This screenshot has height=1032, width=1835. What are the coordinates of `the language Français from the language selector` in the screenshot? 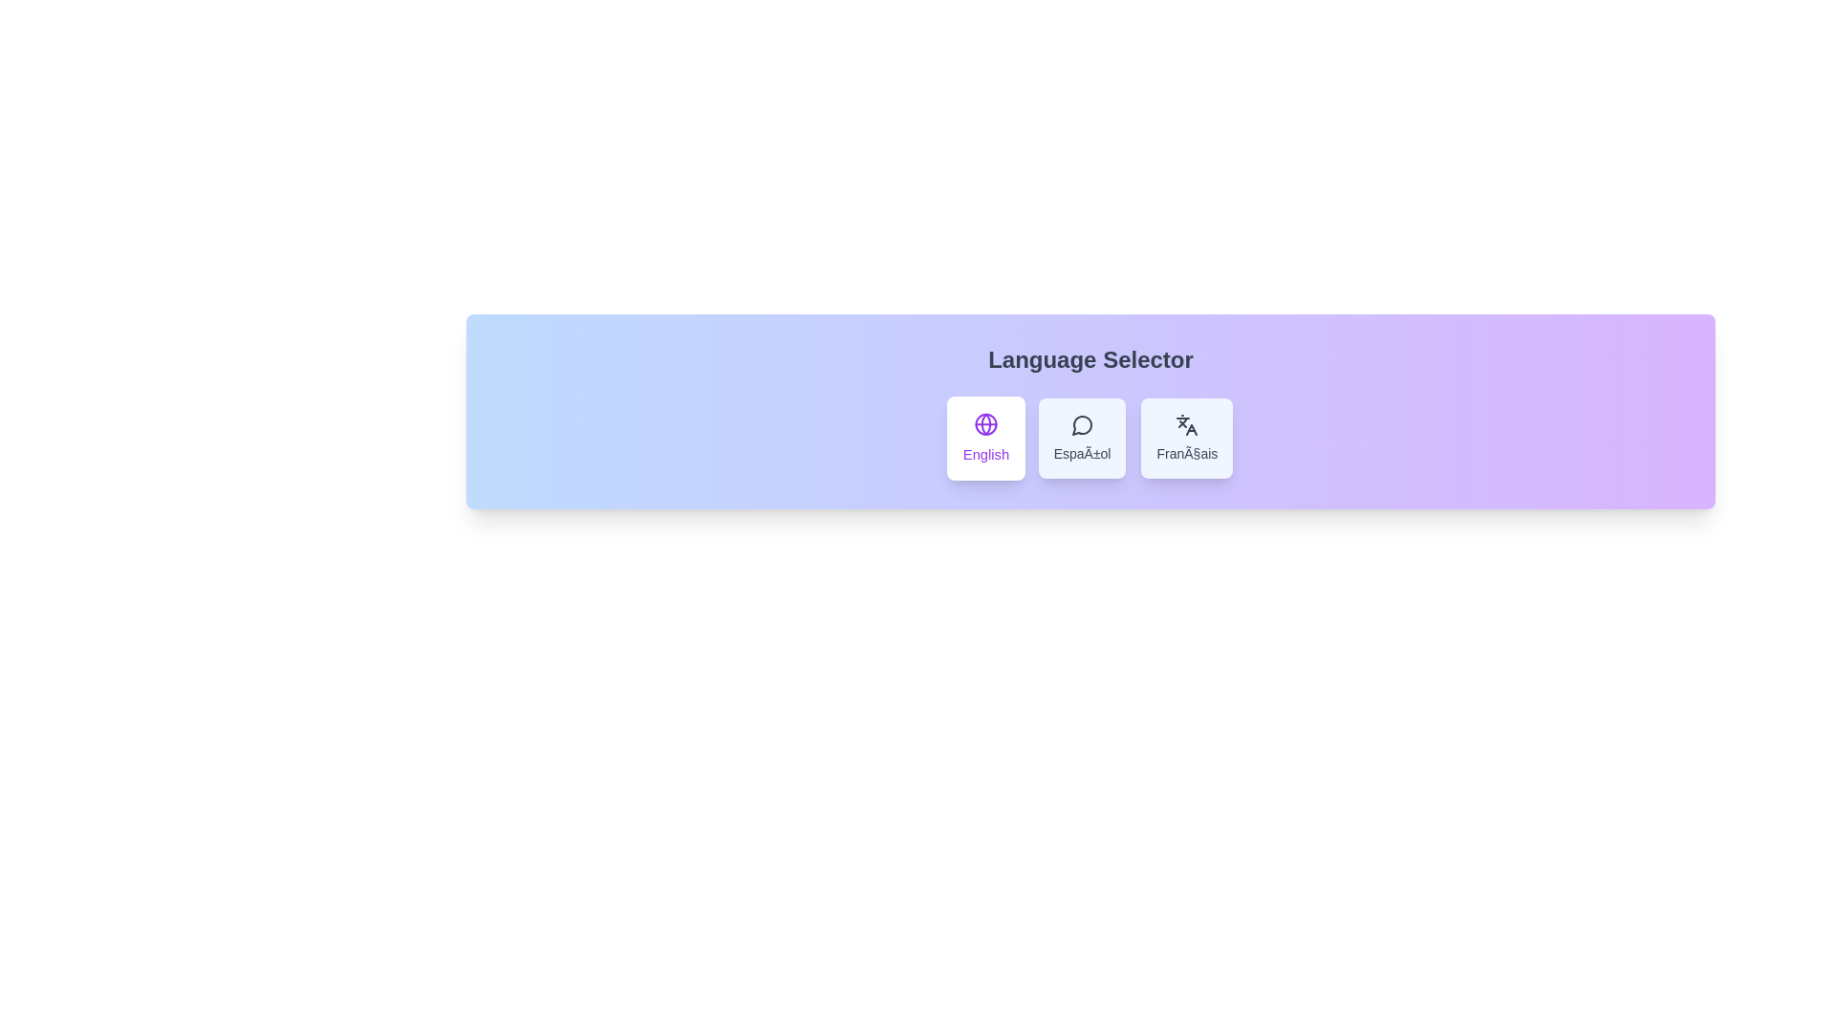 It's located at (1186, 439).